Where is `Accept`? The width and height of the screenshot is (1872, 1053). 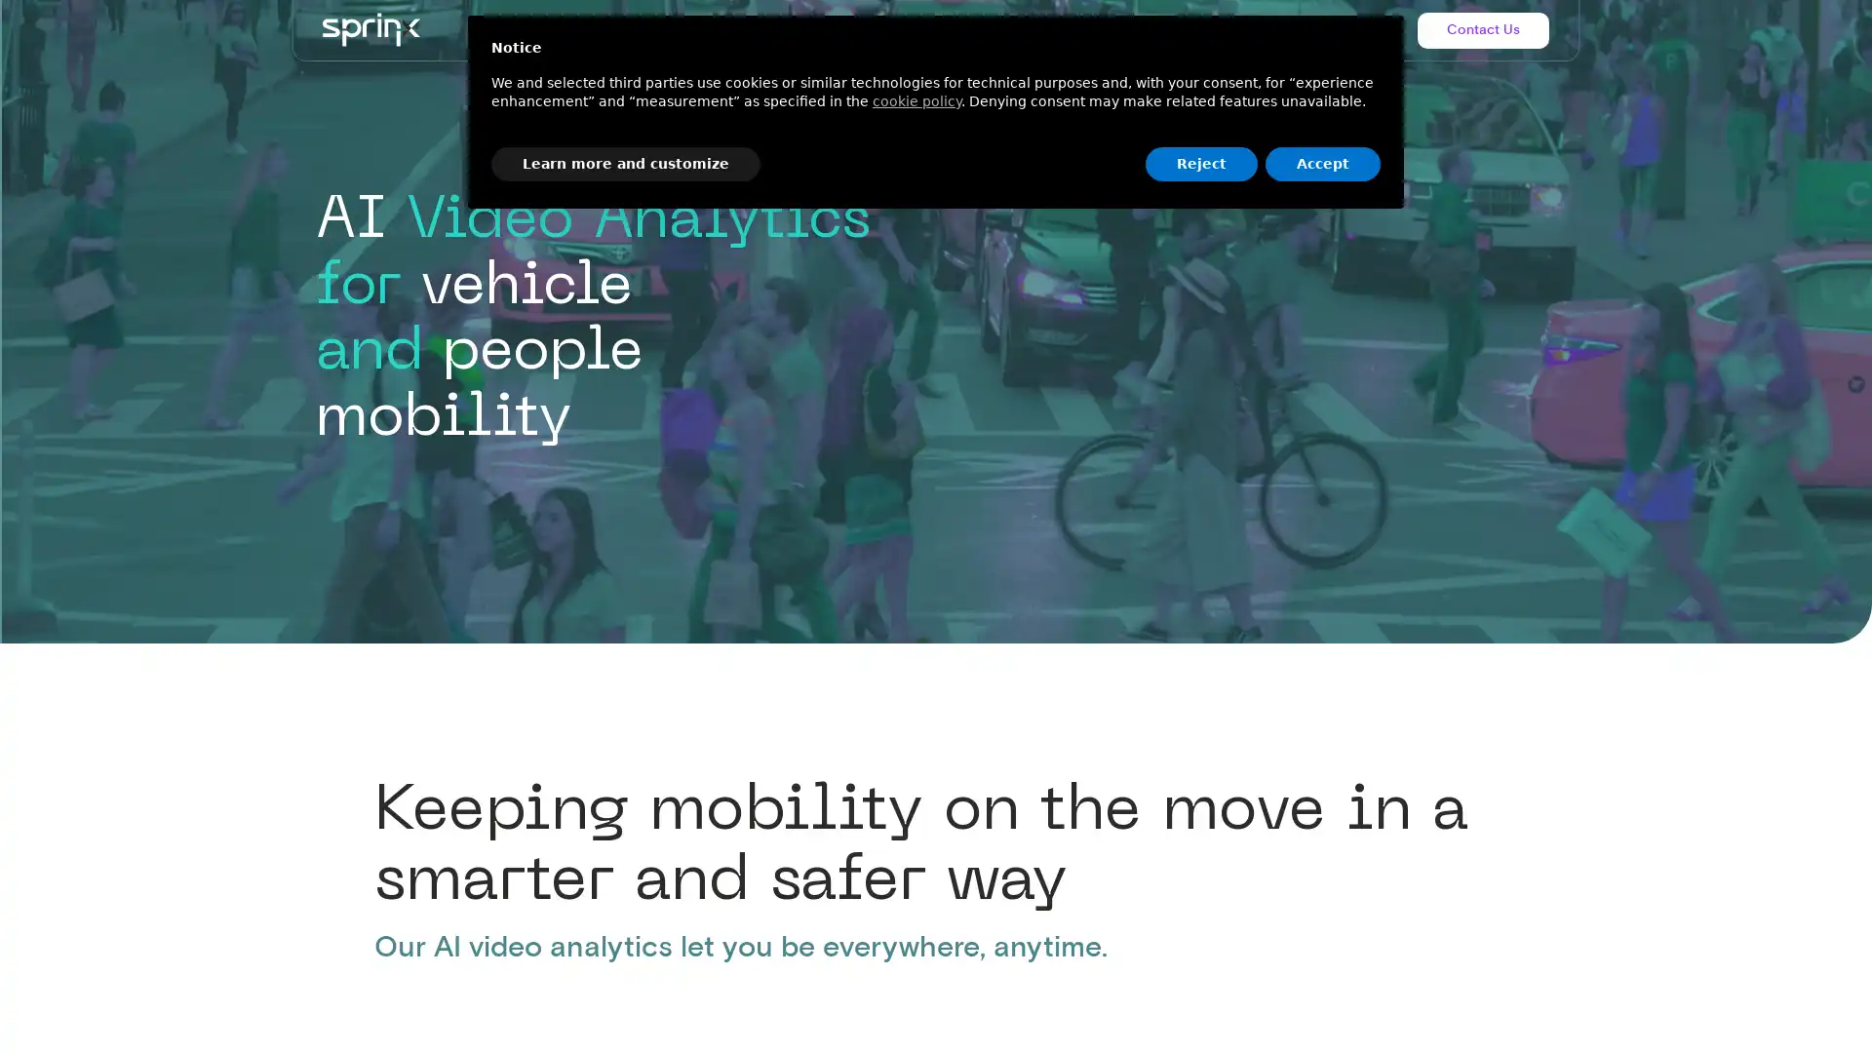 Accept is located at coordinates (1323, 163).